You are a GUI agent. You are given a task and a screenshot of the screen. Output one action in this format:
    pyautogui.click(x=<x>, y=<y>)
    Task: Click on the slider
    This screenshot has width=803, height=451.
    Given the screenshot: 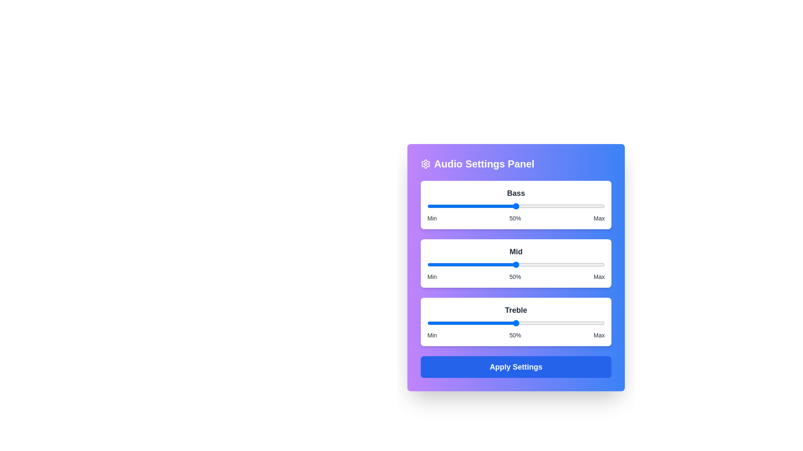 What is the action you would take?
    pyautogui.click(x=455, y=264)
    